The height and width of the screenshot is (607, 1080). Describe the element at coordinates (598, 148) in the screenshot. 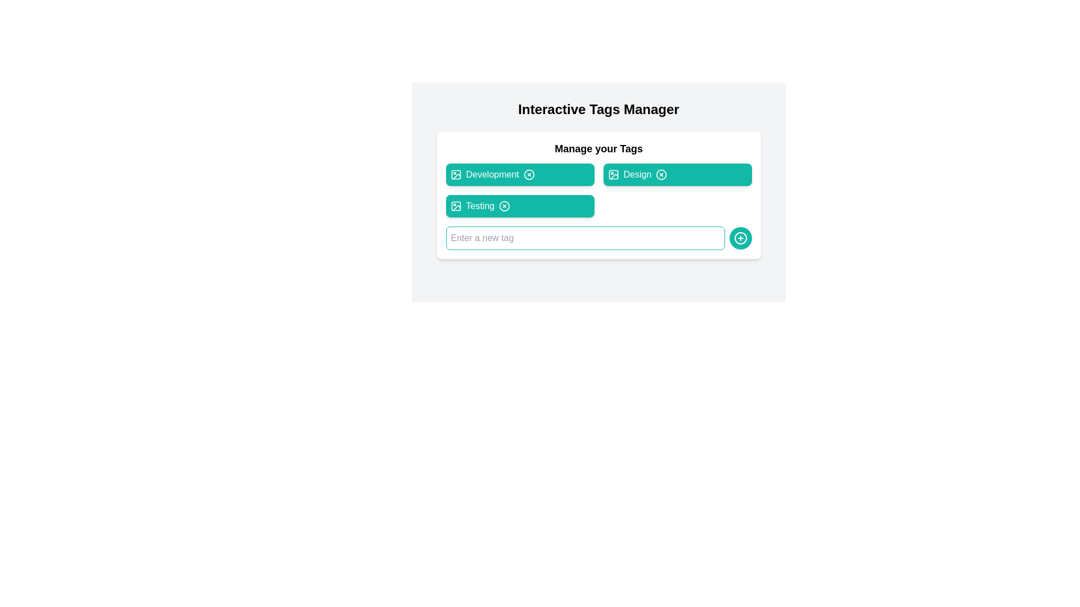

I see `the bold text label titled 'Manage your Tags' at the top of the card area` at that location.